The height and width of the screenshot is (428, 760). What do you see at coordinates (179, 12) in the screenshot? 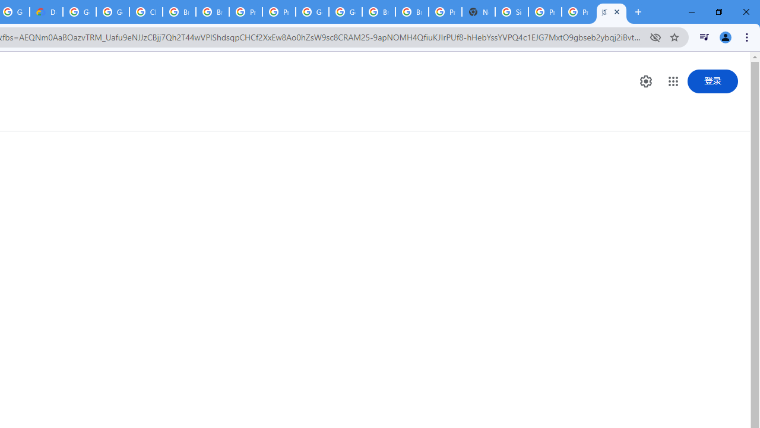
I see `'Browse Chrome as a guest - Computer - Google Chrome Help'` at bounding box center [179, 12].